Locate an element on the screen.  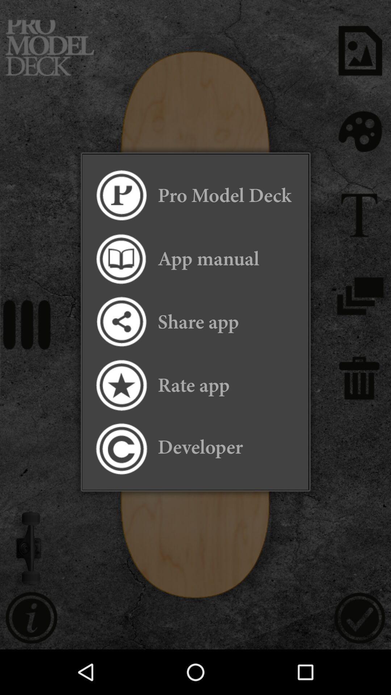
item next to developer icon is located at coordinates (121, 448).